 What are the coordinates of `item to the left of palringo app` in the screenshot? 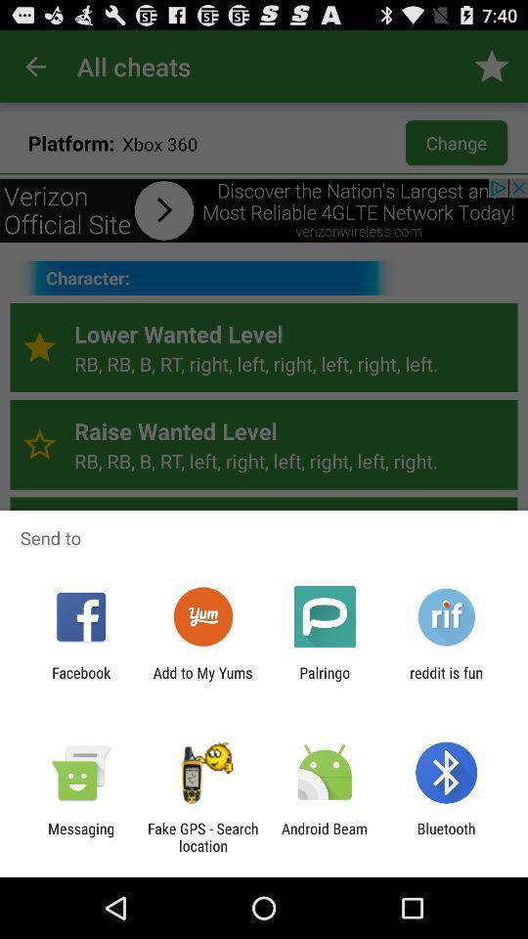 It's located at (201, 681).